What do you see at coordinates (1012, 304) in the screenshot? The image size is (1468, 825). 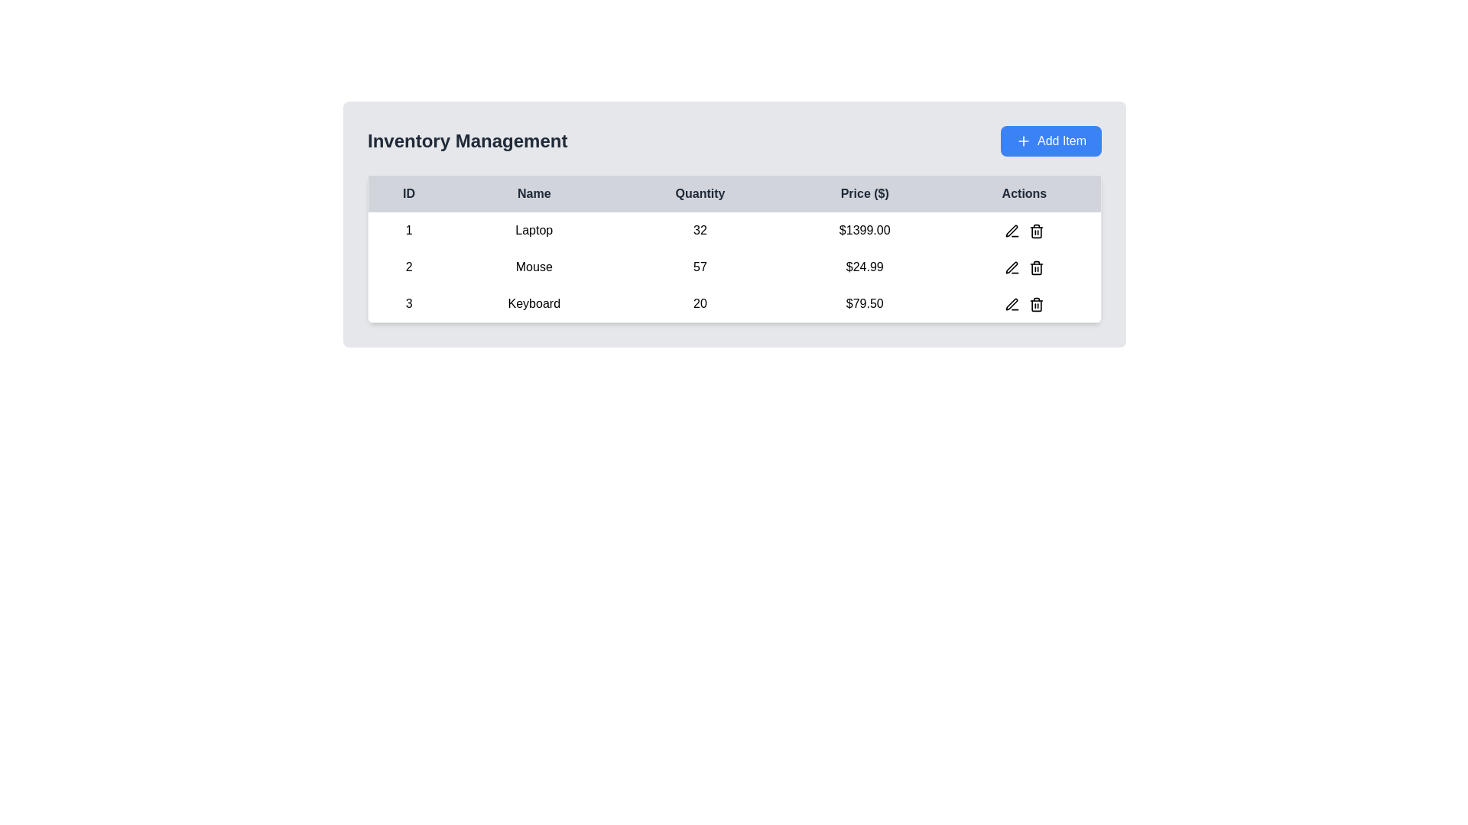 I see `the edit icon button in the Actions column of the table to modify the details of the 'Keyboard' item` at bounding box center [1012, 304].